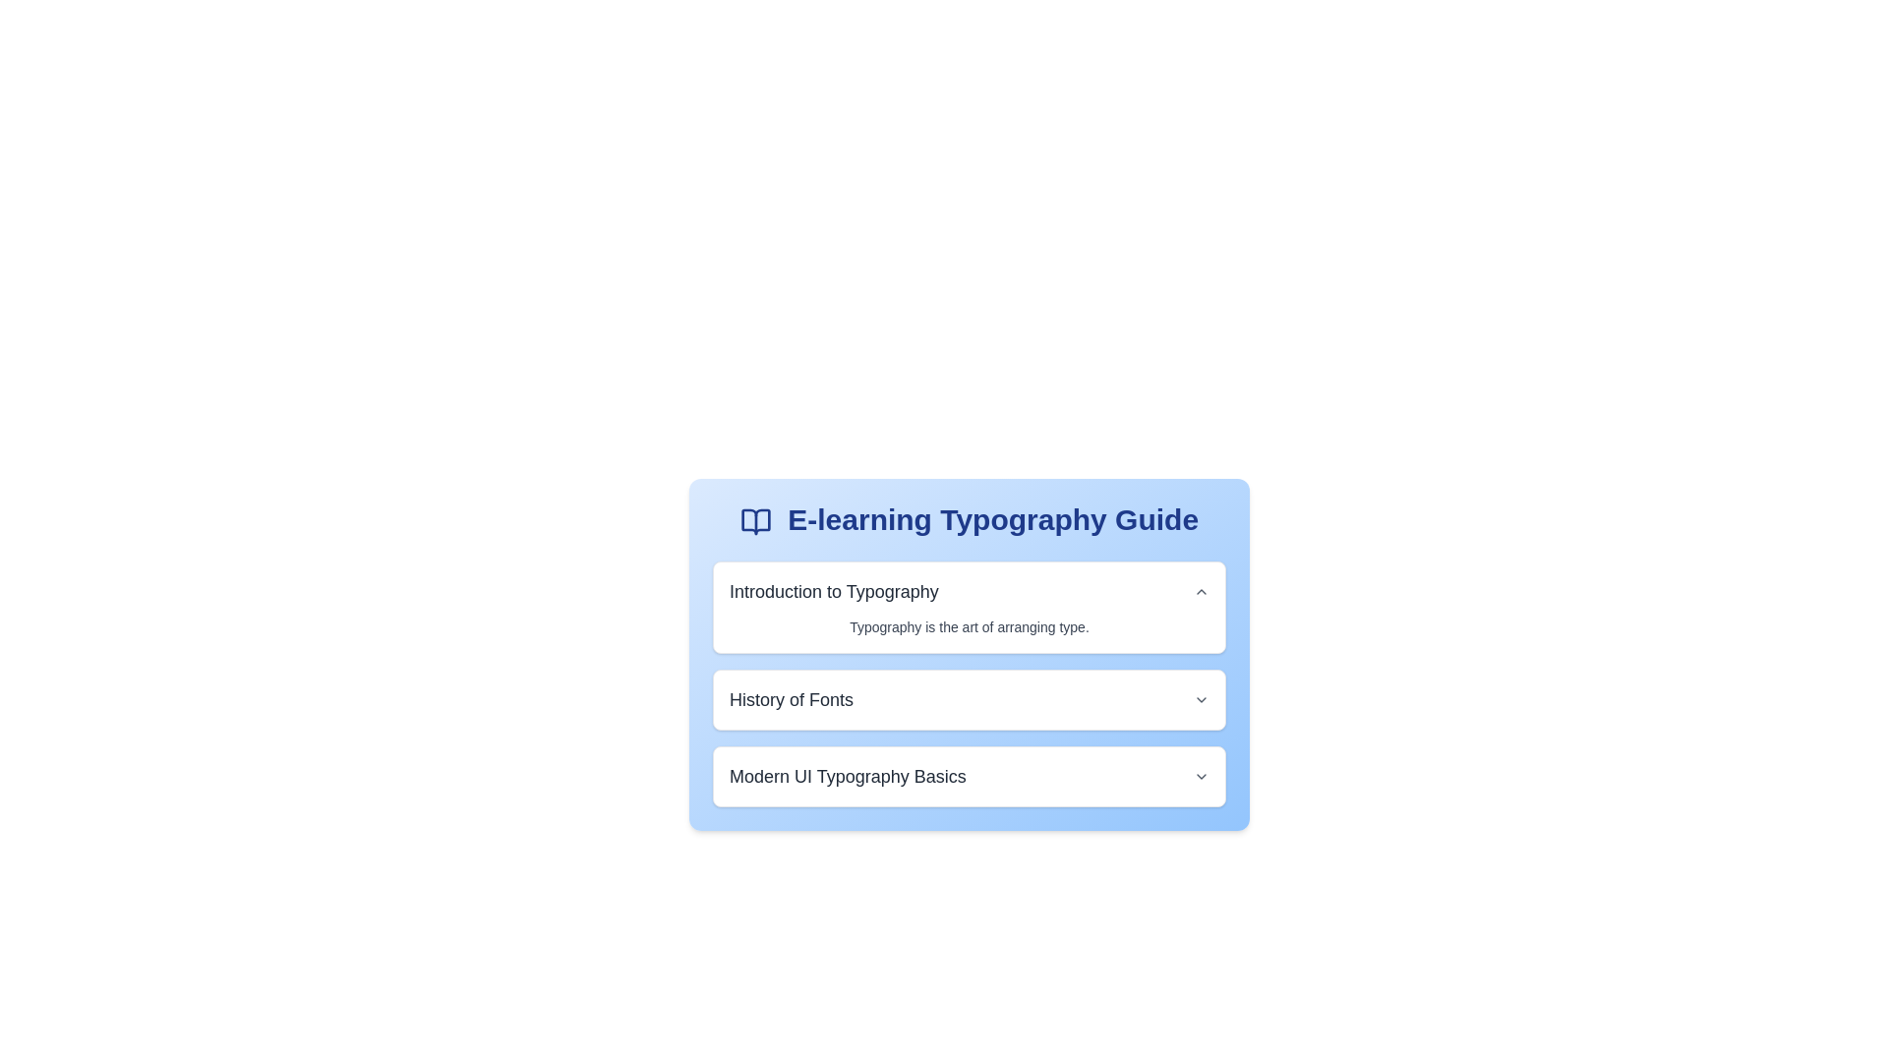 The image size is (1888, 1062). Describe the element at coordinates (848, 776) in the screenshot. I see `the 'Modern UI Typography Basics' title component` at that location.